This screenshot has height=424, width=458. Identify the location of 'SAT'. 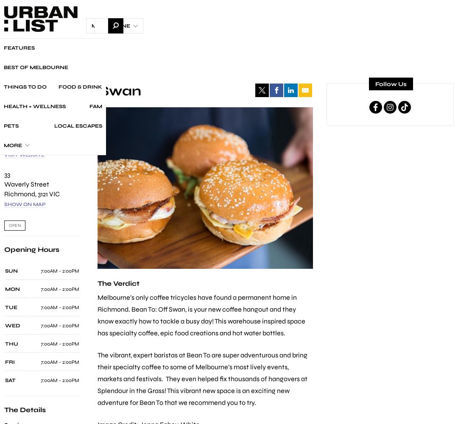
(10, 380).